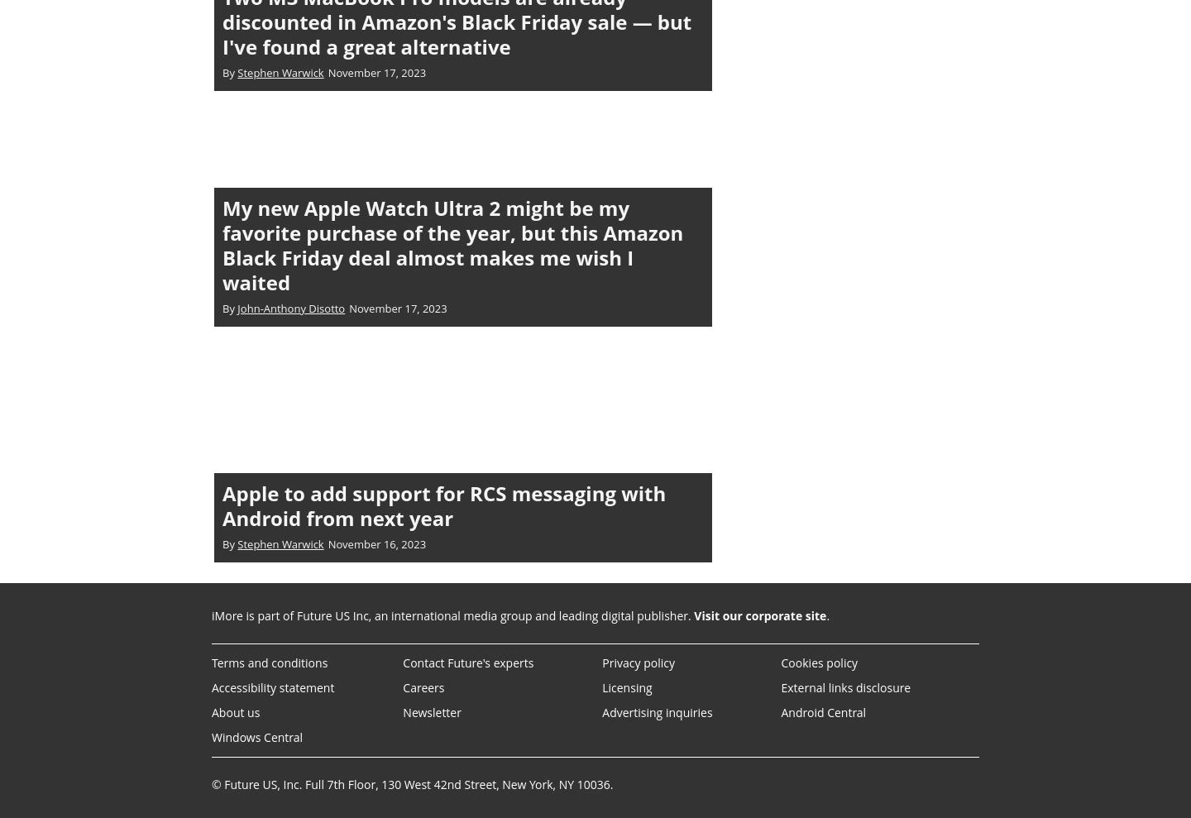 The width and height of the screenshot is (1191, 818). I want to click on 'Careers', so click(423, 686).